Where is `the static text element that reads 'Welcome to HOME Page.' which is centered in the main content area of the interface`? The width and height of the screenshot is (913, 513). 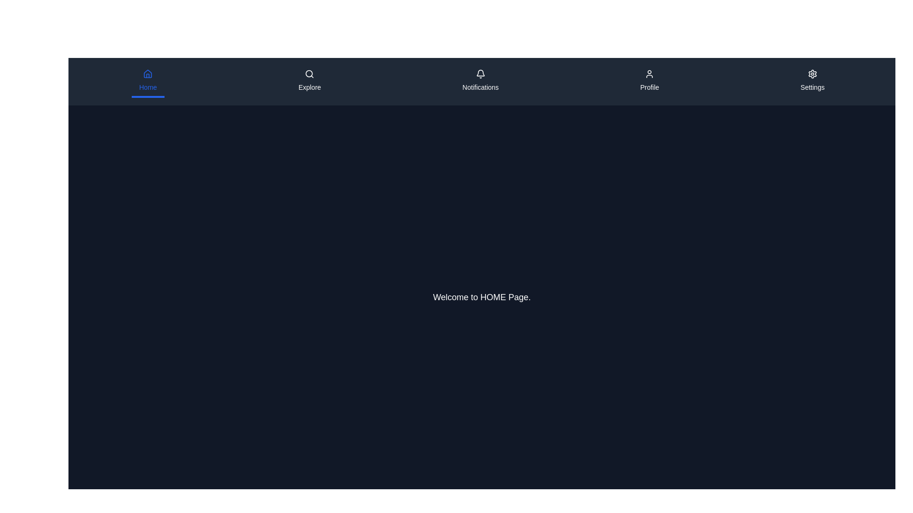 the static text element that reads 'Welcome to HOME Page.' which is centered in the main content area of the interface is located at coordinates (482, 296).